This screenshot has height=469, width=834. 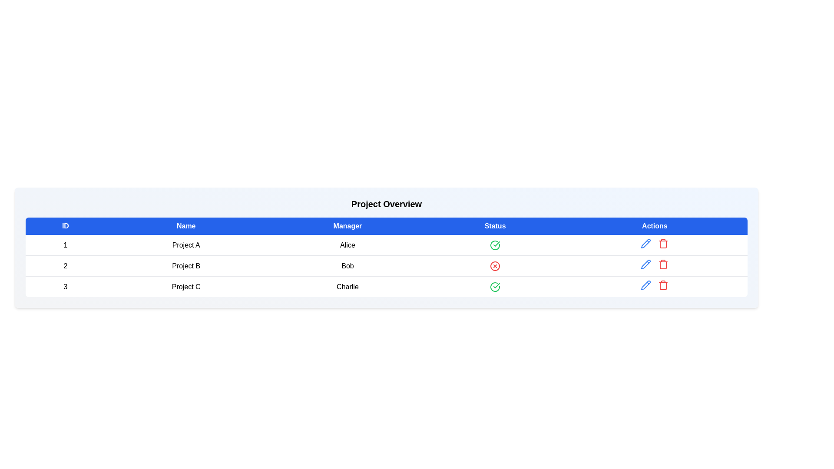 I want to click on the completion status icon for 'Charlie' located in the third row of the Status column, so click(x=495, y=244).